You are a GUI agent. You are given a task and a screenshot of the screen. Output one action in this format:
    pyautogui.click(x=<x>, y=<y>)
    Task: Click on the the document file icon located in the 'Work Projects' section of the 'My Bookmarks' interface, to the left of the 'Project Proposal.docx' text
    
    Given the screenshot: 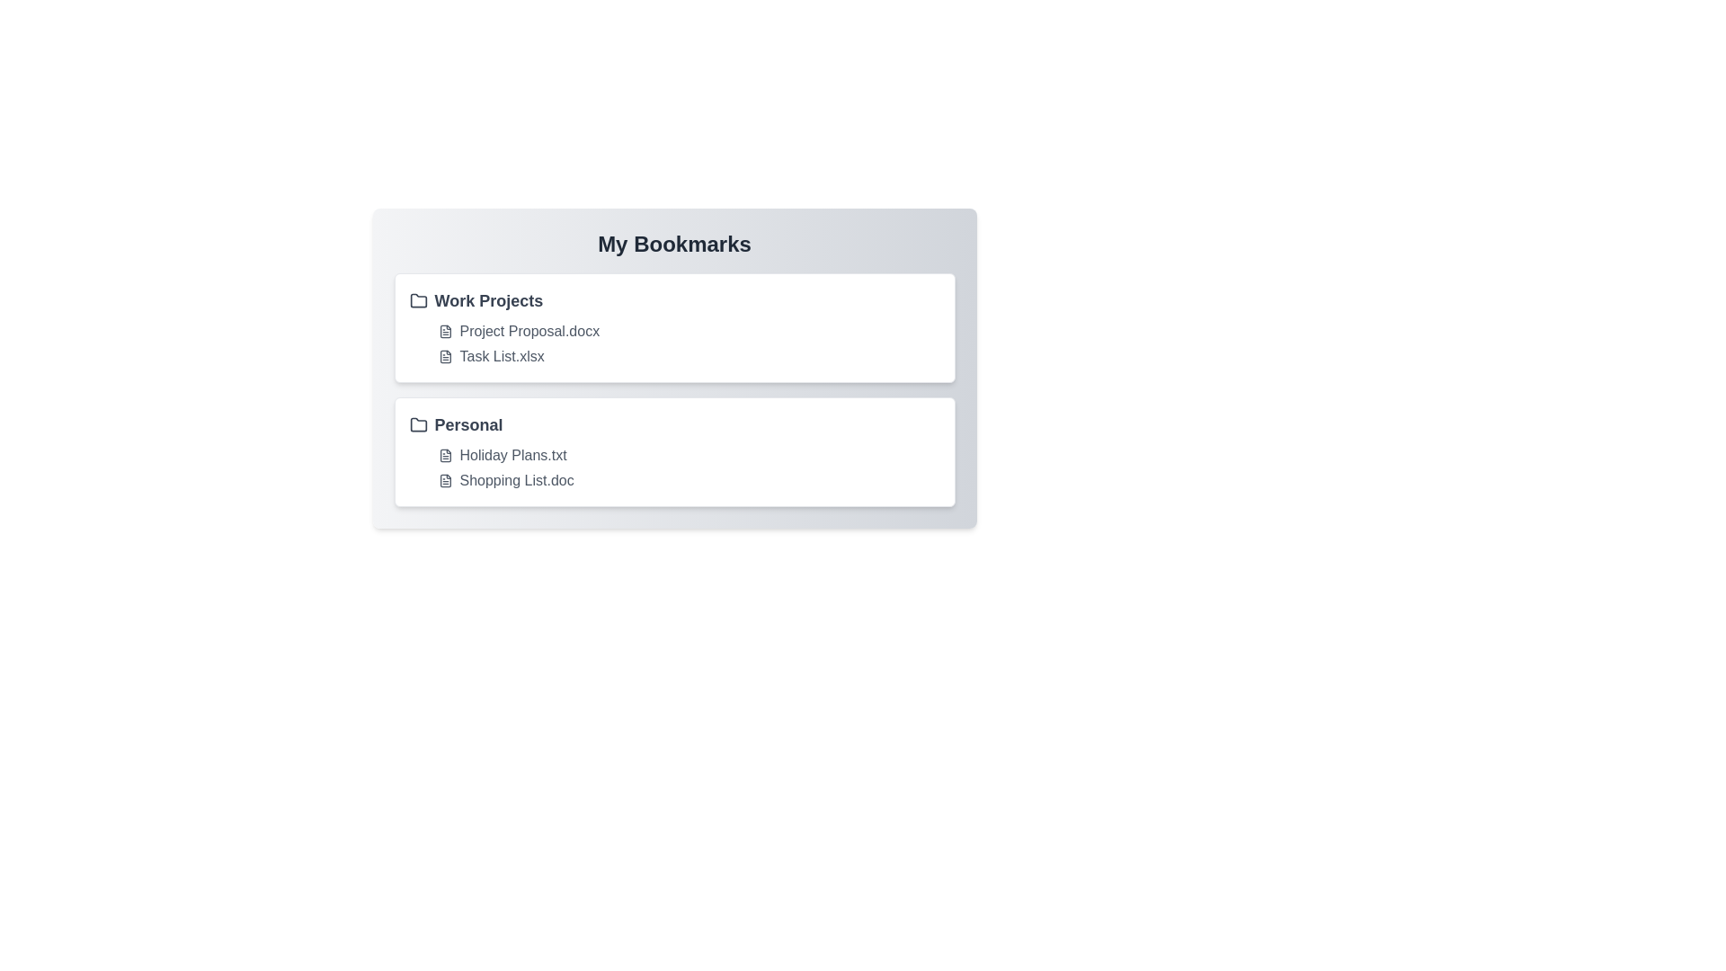 What is the action you would take?
    pyautogui.click(x=445, y=332)
    